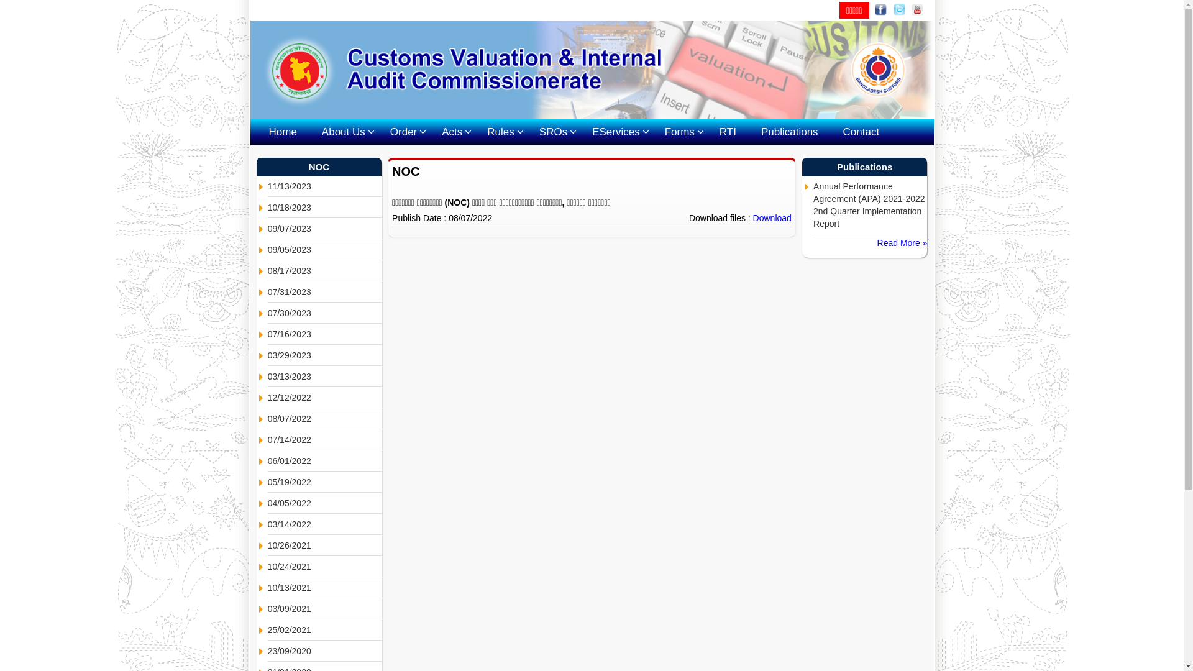  I want to click on 'Contact', so click(861, 132).